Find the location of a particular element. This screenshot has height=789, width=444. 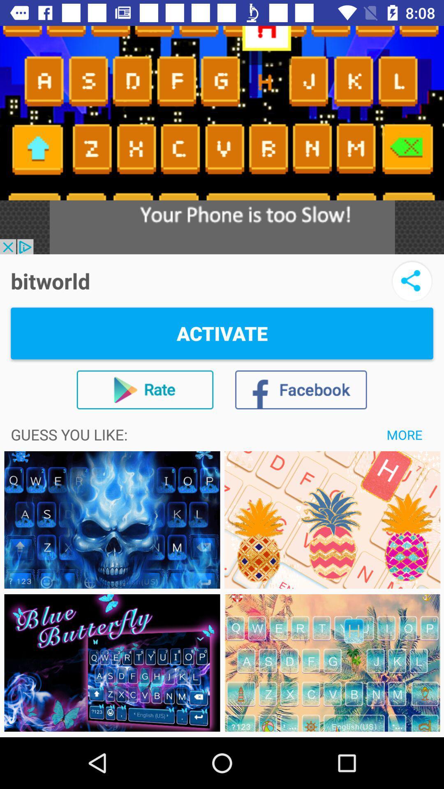

the icon below the activate is located at coordinates (144, 389).